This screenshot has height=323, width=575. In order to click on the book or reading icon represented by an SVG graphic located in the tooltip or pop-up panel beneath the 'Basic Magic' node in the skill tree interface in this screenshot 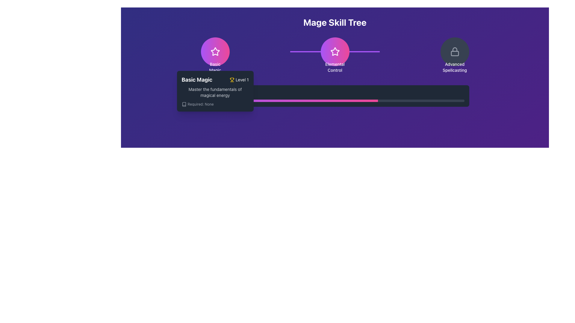, I will do `click(184, 104)`.